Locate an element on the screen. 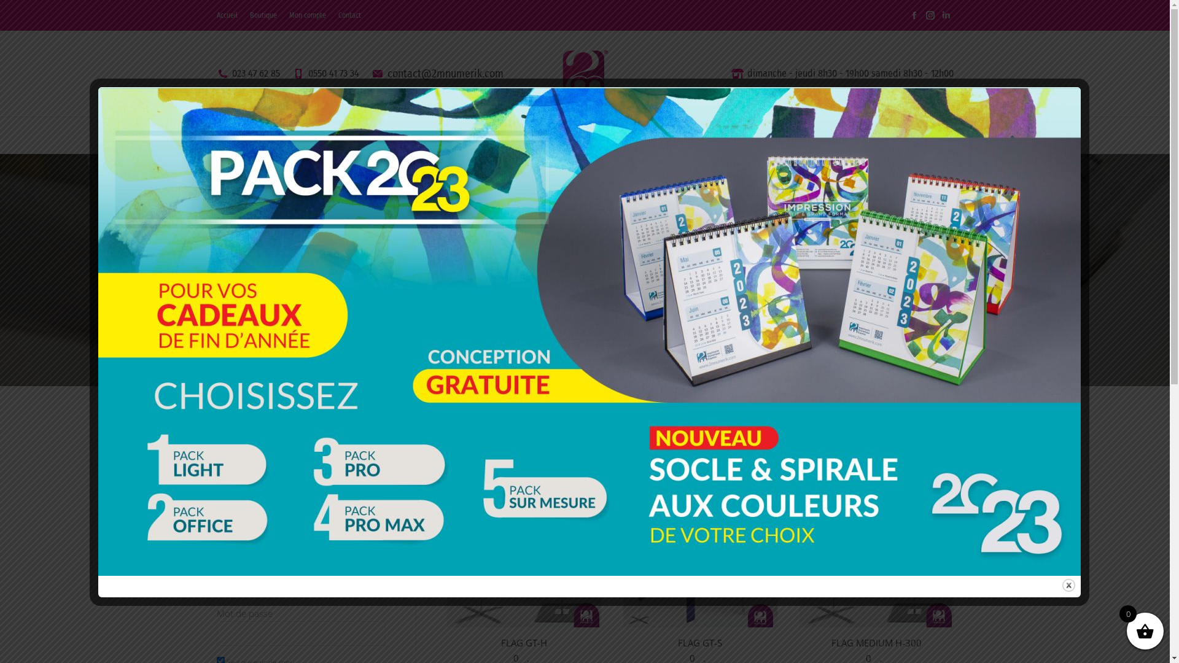 This screenshot has height=663, width=1179. 'Facebook page opens in new window' is located at coordinates (914, 15).